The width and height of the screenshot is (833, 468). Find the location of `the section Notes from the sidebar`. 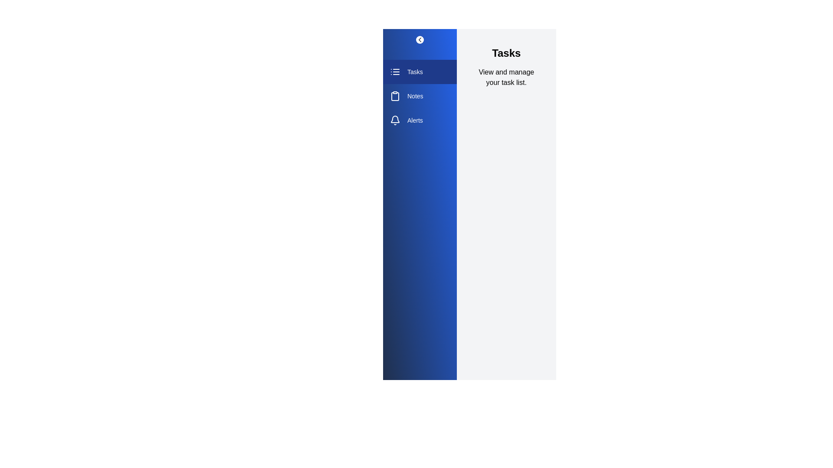

the section Notes from the sidebar is located at coordinates (420, 96).